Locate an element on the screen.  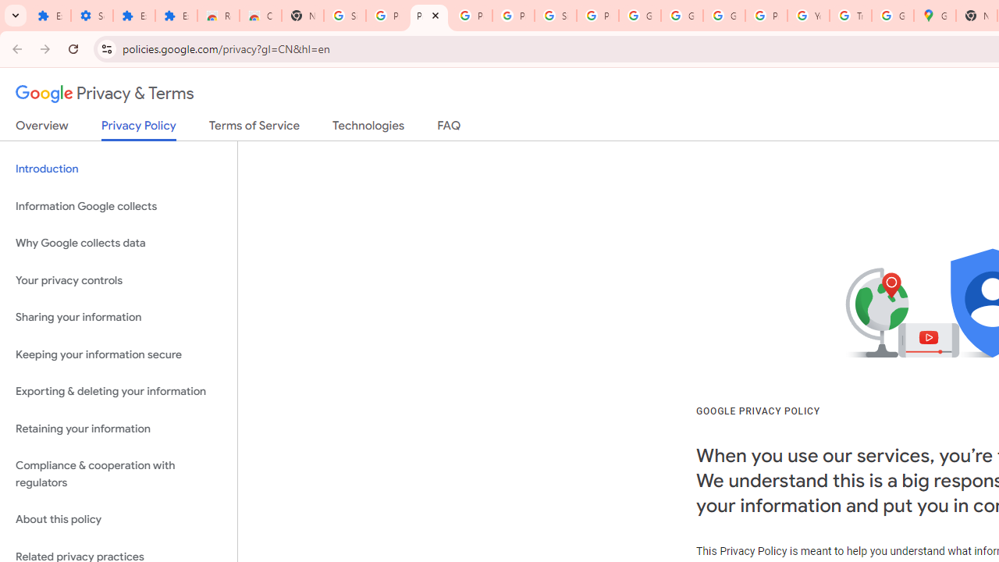
'Sign in - Google Accounts' is located at coordinates (343, 16).